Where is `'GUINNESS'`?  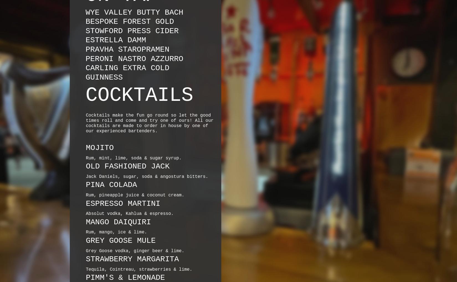 'GUINNESS' is located at coordinates (86, 77).